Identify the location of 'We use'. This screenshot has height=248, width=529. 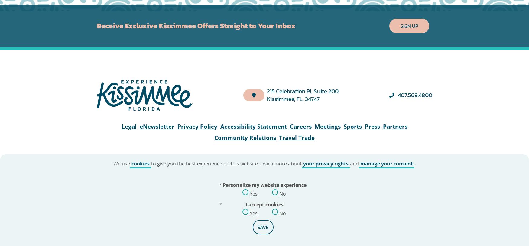
(121, 24).